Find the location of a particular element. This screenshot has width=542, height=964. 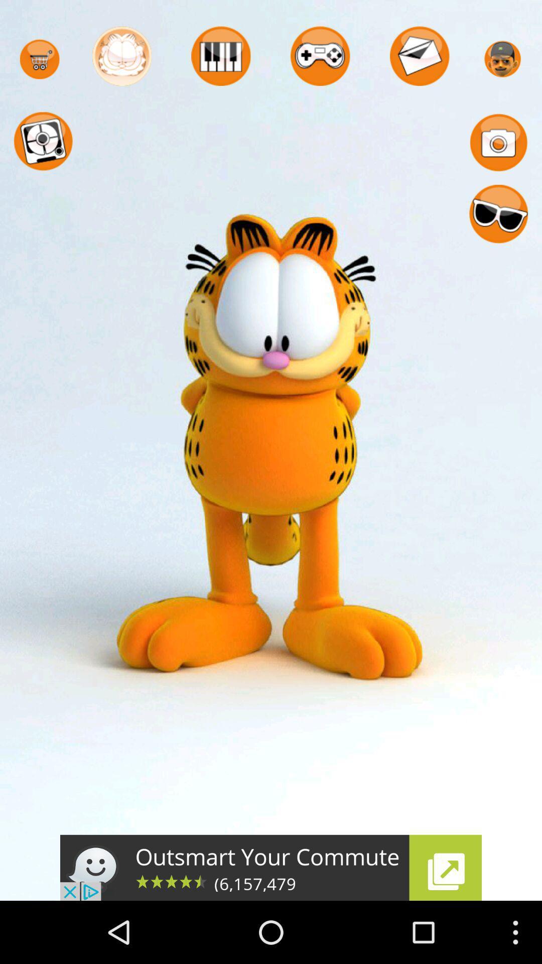

the photo icon is located at coordinates (498, 151).